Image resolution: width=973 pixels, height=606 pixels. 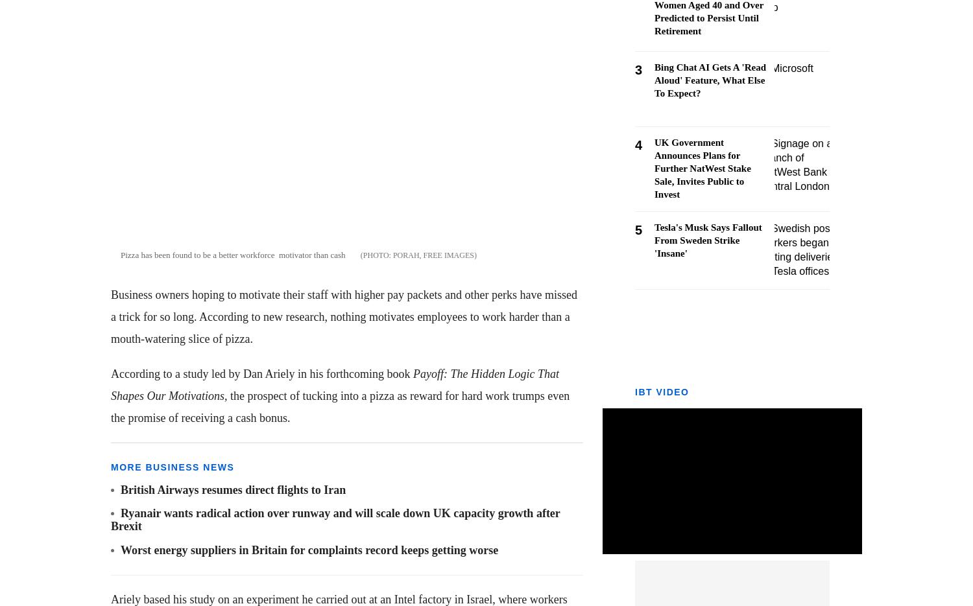 What do you see at coordinates (111, 466) in the screenshot?
I see `'More business news'` at bounding box center [111, 466].